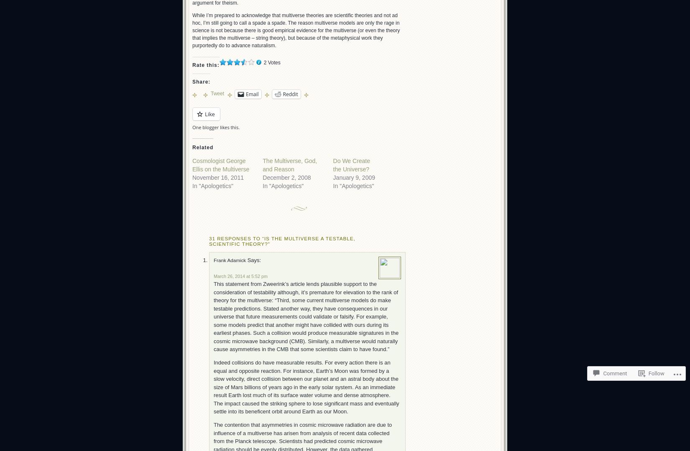  I want to click on 'Tweet', so click(217, 93).